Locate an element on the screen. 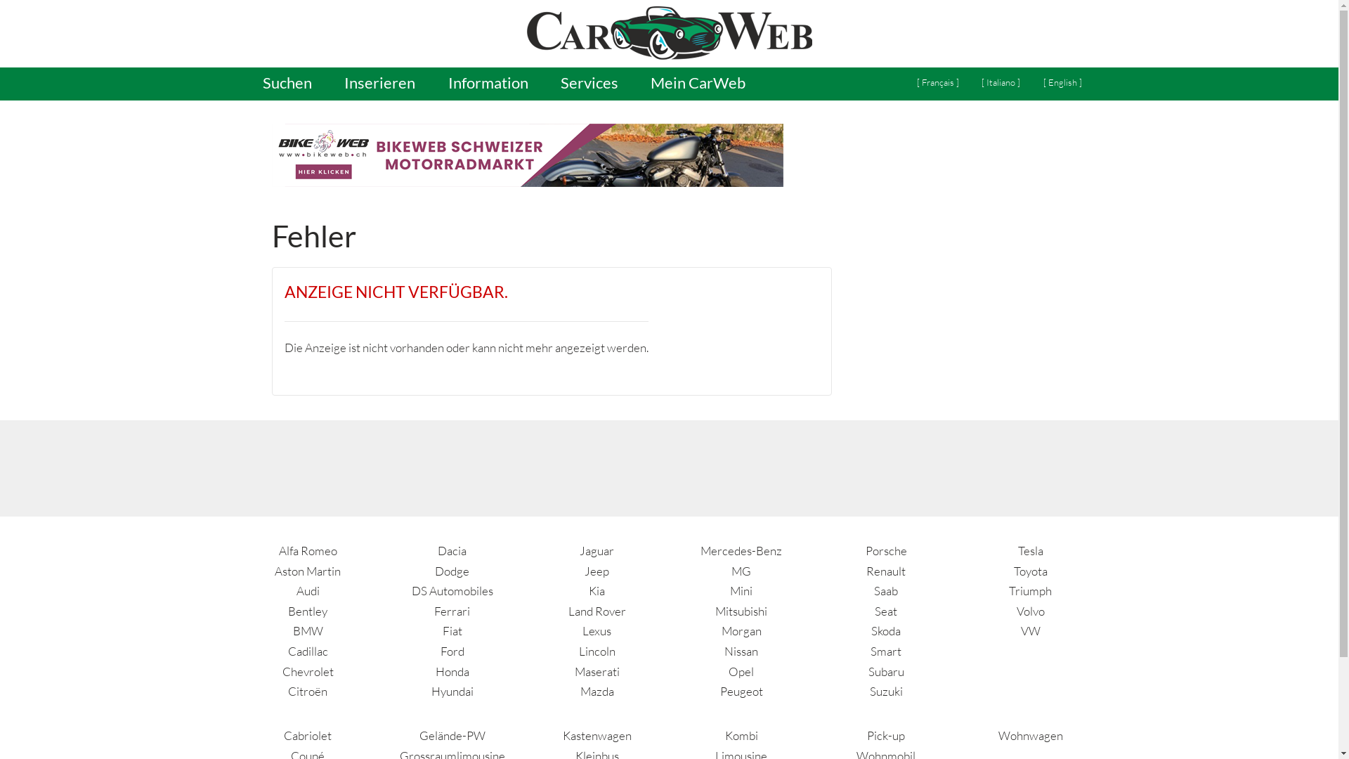  'Dacia' is located at coordinates (452, 550).